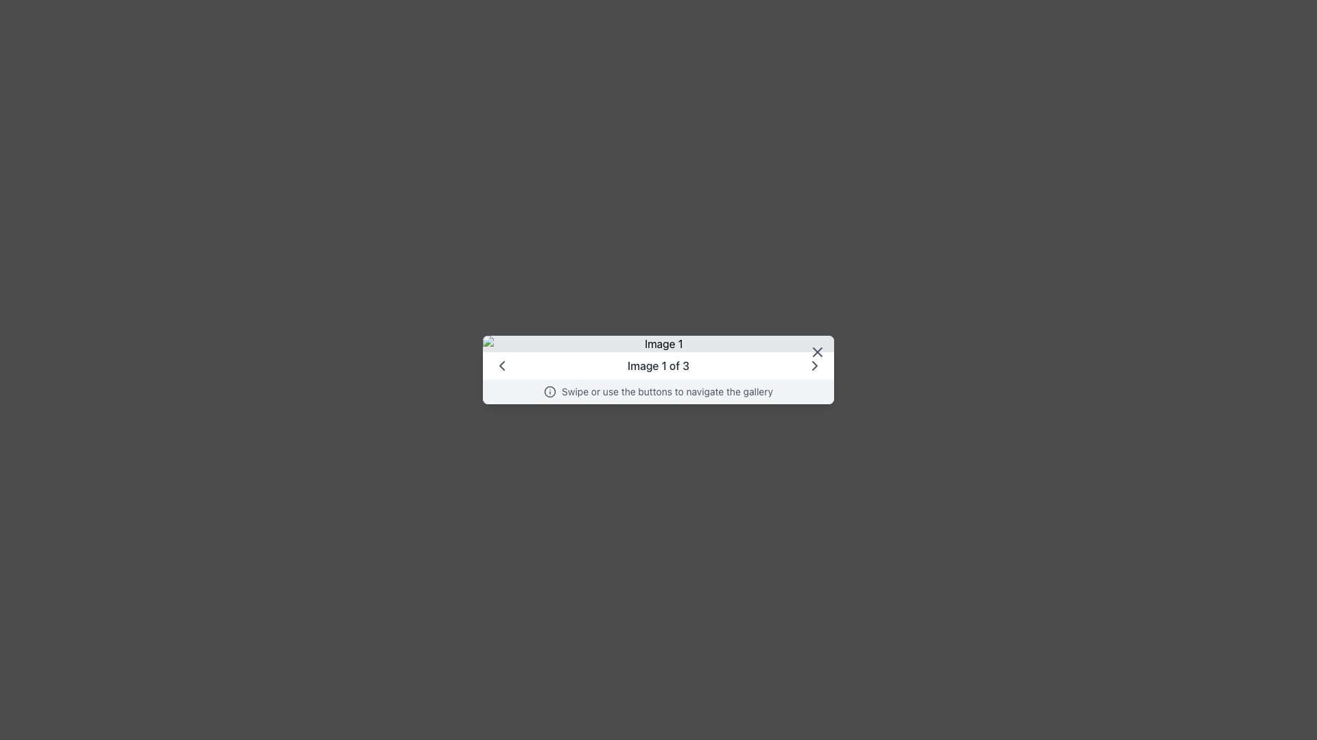 The image size is (1317, 740). What do you see at coordinates (549, 391) in the screenshot?
I see `the circular vector graphic icon with a dark outline and transparent interior located in the navigation options for the gallery` at bounding box center [549, 391].